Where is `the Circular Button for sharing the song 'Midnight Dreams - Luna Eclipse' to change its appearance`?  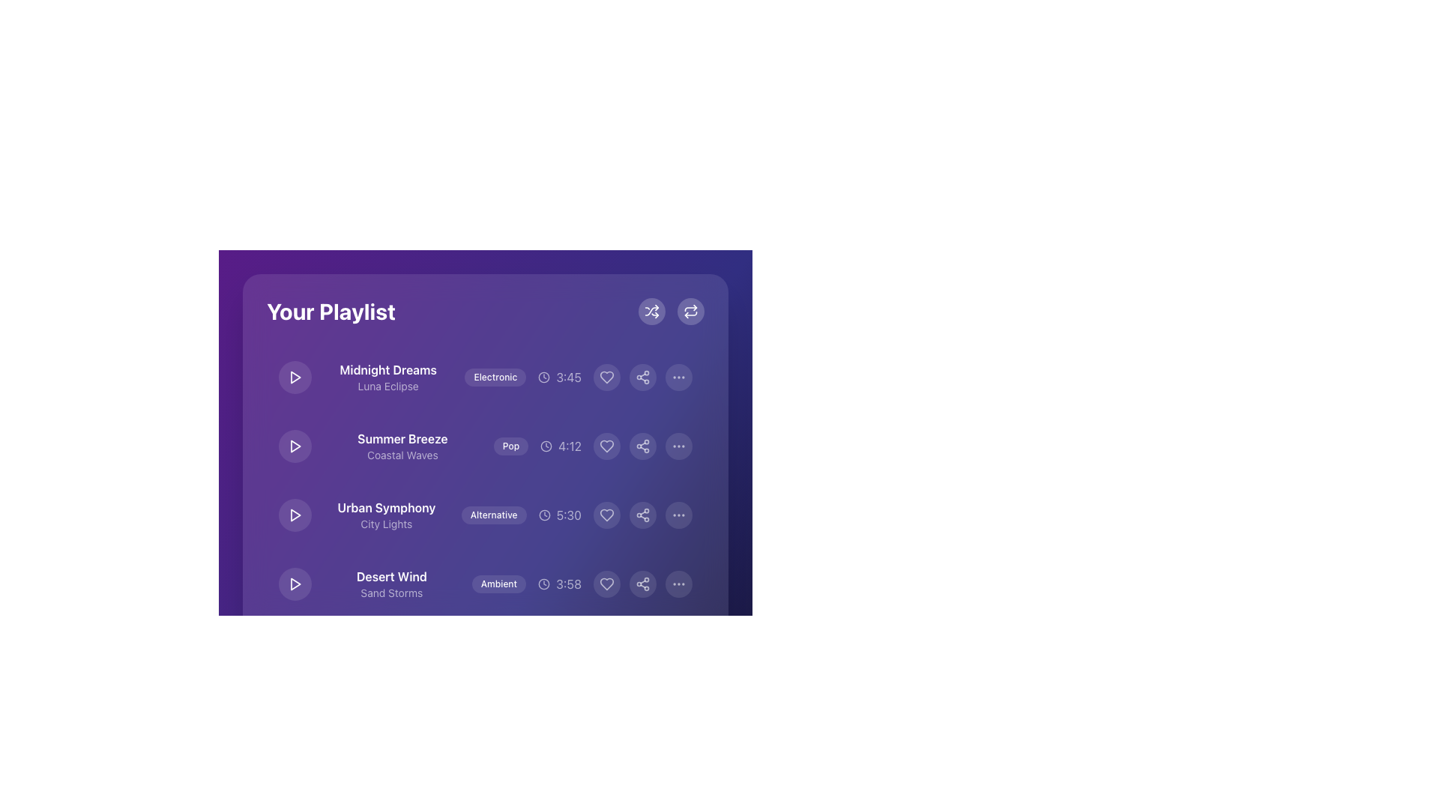 the Circular Button for sharing the song 'Midnight Dreams - Luna Eclipse' to change its appearance is located at coordinates (643, 377).